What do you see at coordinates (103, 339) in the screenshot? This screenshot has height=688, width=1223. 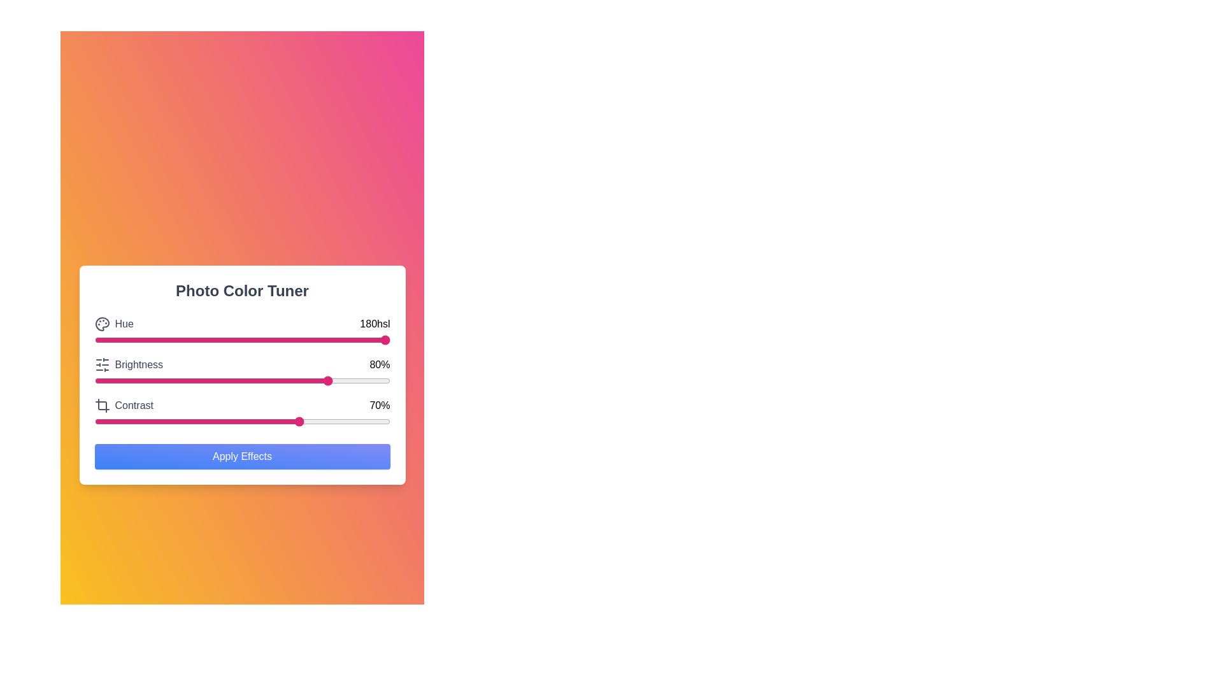 I see `the hue slider to set the hue value to 3` at bounding box center [103, 339].